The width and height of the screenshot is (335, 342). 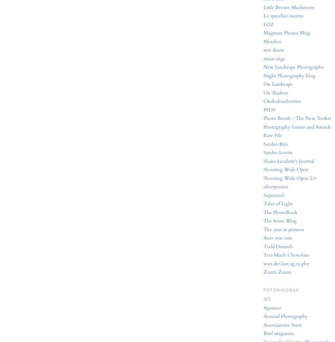 I want to click on 'wan.der.lust.ag.ra.phy', so click(x=286, y=263).